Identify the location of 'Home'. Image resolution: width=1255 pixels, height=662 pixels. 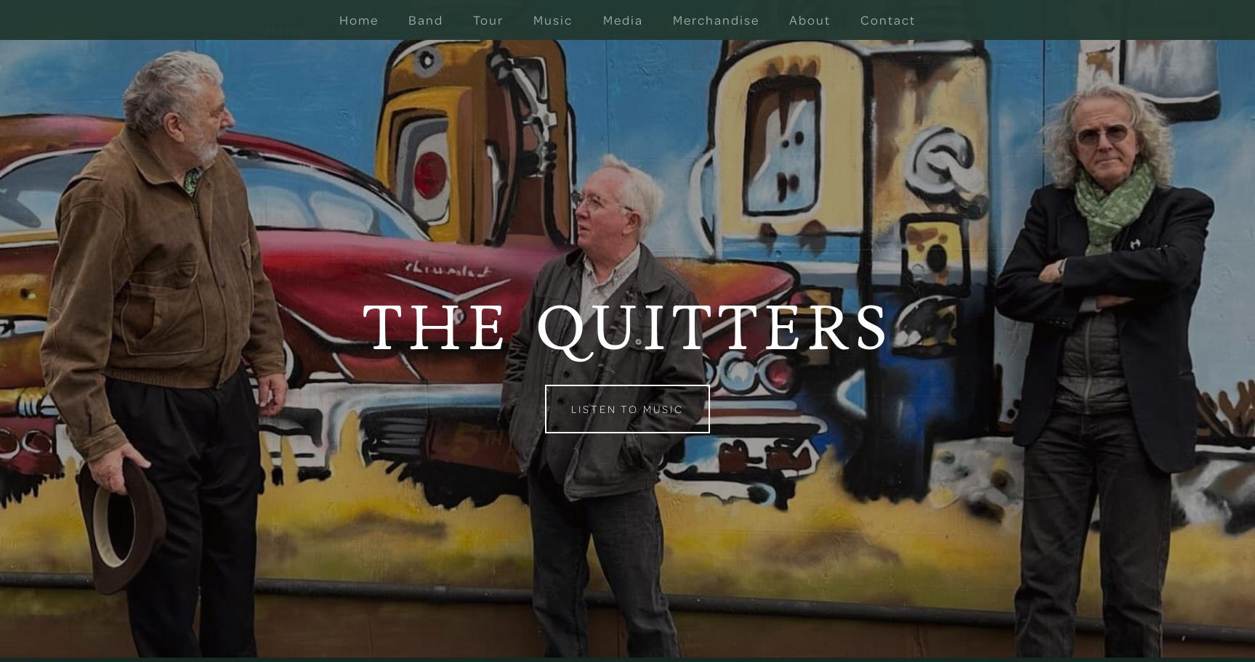
(286, 29).